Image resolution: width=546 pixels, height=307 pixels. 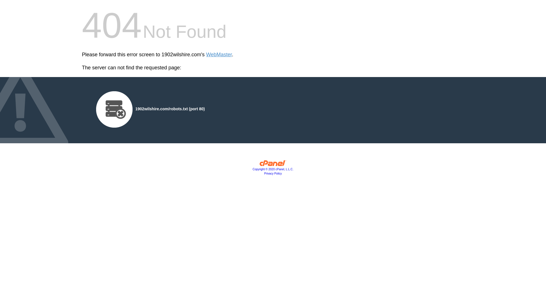 What do you see at coordinates (273, 173) in the screenshot?
I see `'Privacy Policy'` at bounding box center [273, 173].